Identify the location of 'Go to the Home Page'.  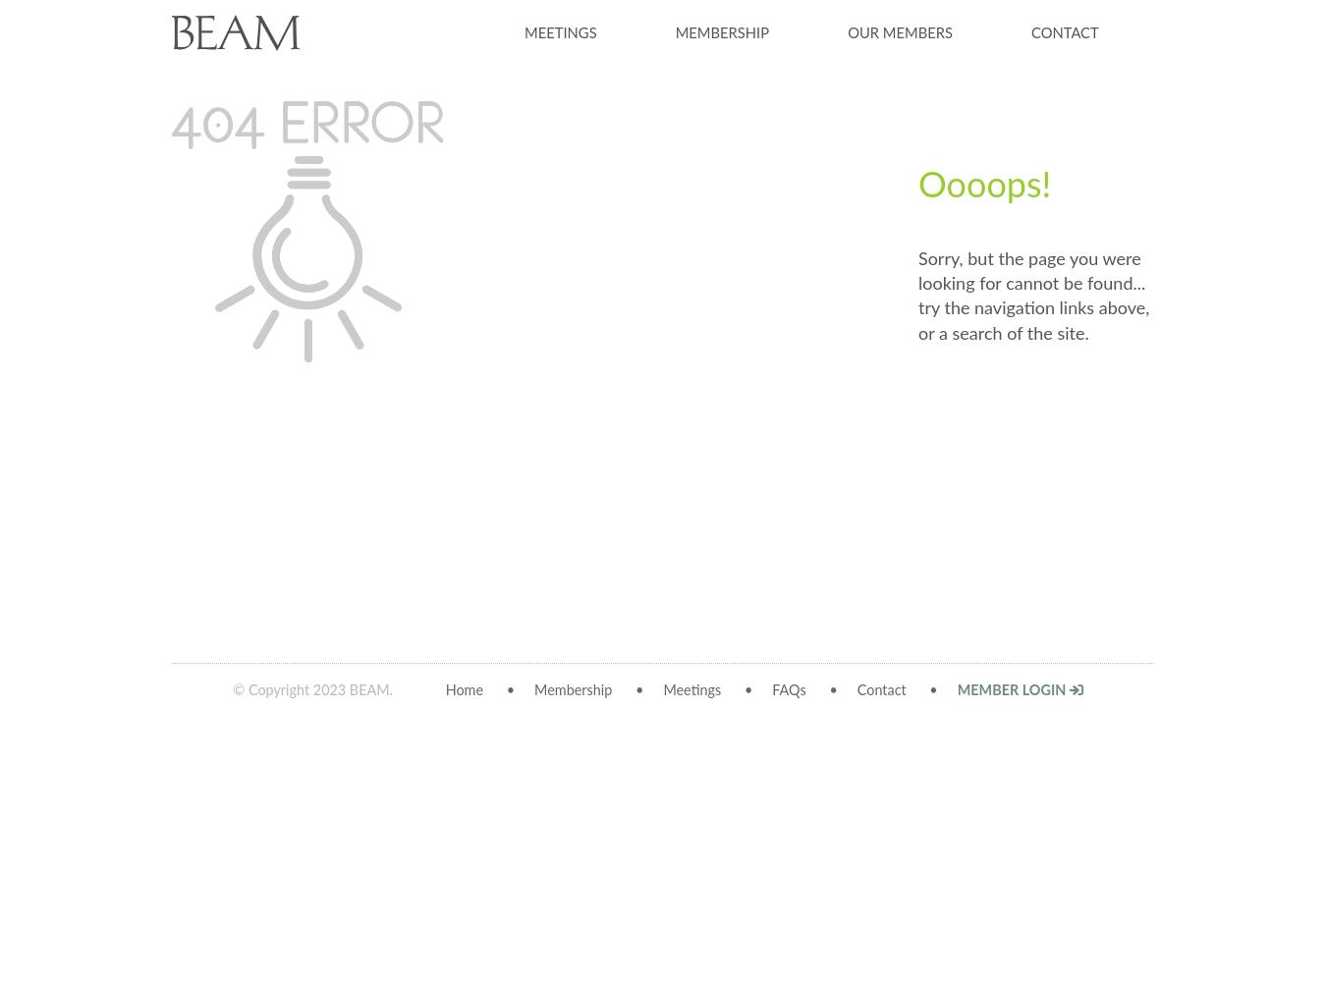
(1042, 424).